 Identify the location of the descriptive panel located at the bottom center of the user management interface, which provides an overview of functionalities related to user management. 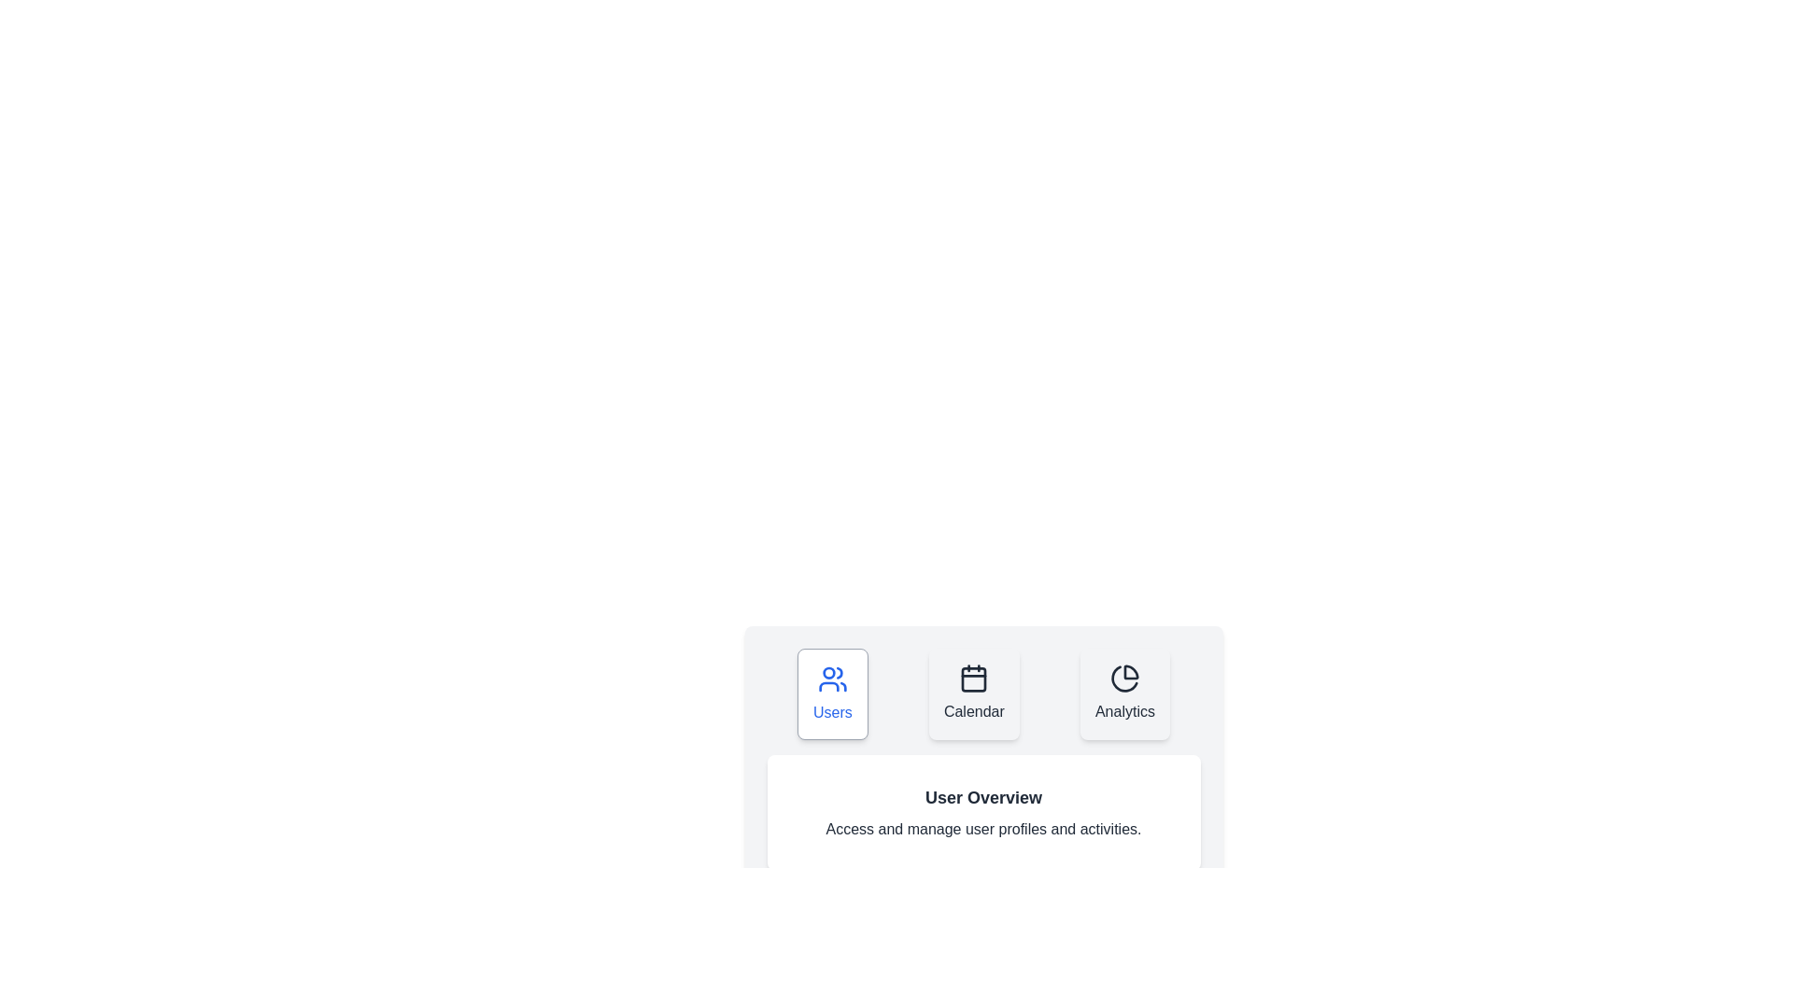
(982, 759).